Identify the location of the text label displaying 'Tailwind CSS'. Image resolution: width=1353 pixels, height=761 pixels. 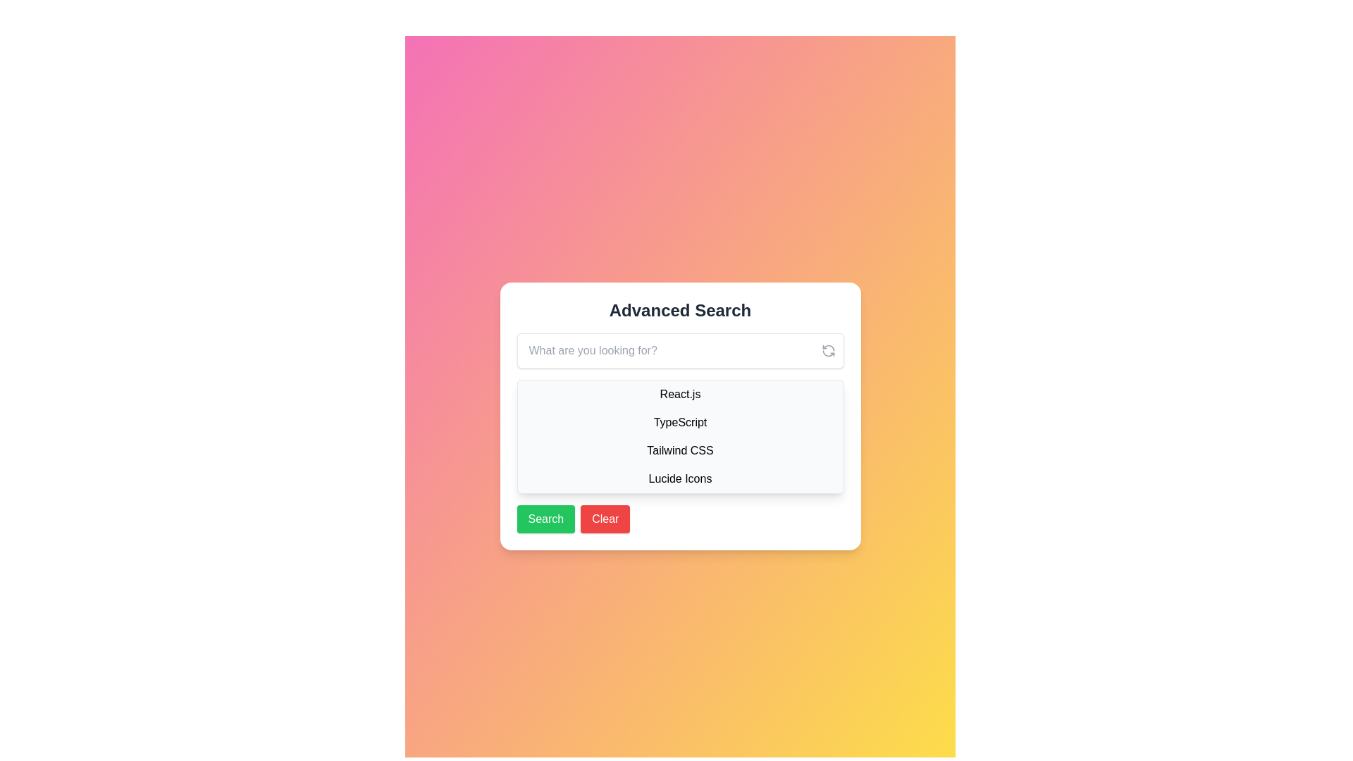
(680, 451).